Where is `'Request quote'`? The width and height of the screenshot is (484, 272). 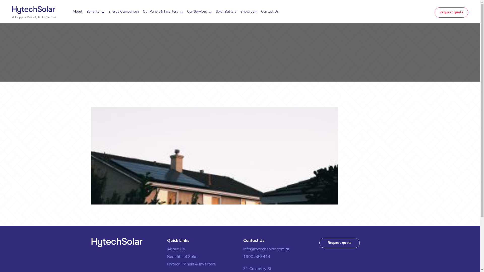
'Request quote' is located at coordinates (451, 12).